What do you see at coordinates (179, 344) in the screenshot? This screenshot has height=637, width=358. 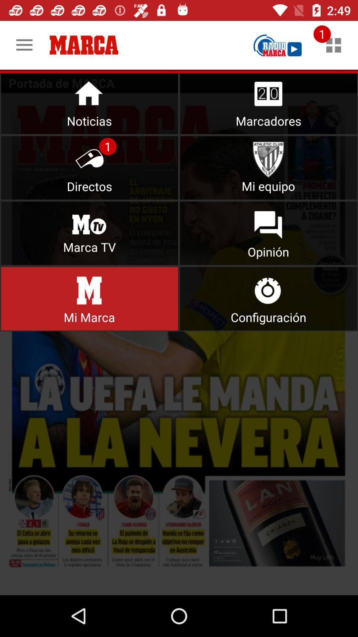 I see `the item below portada de marca` at bounding box center [179, 344].